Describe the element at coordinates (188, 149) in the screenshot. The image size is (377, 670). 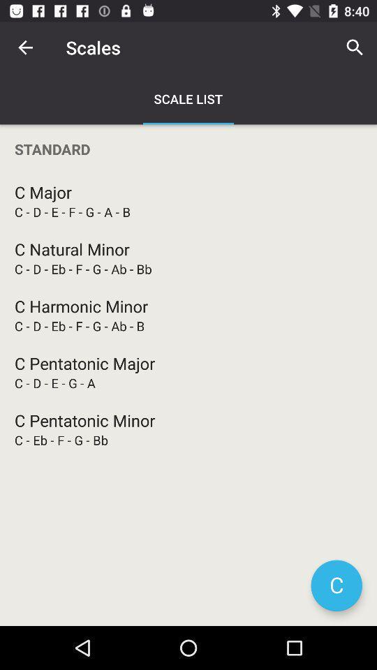
I see `the item above c major` at that location.